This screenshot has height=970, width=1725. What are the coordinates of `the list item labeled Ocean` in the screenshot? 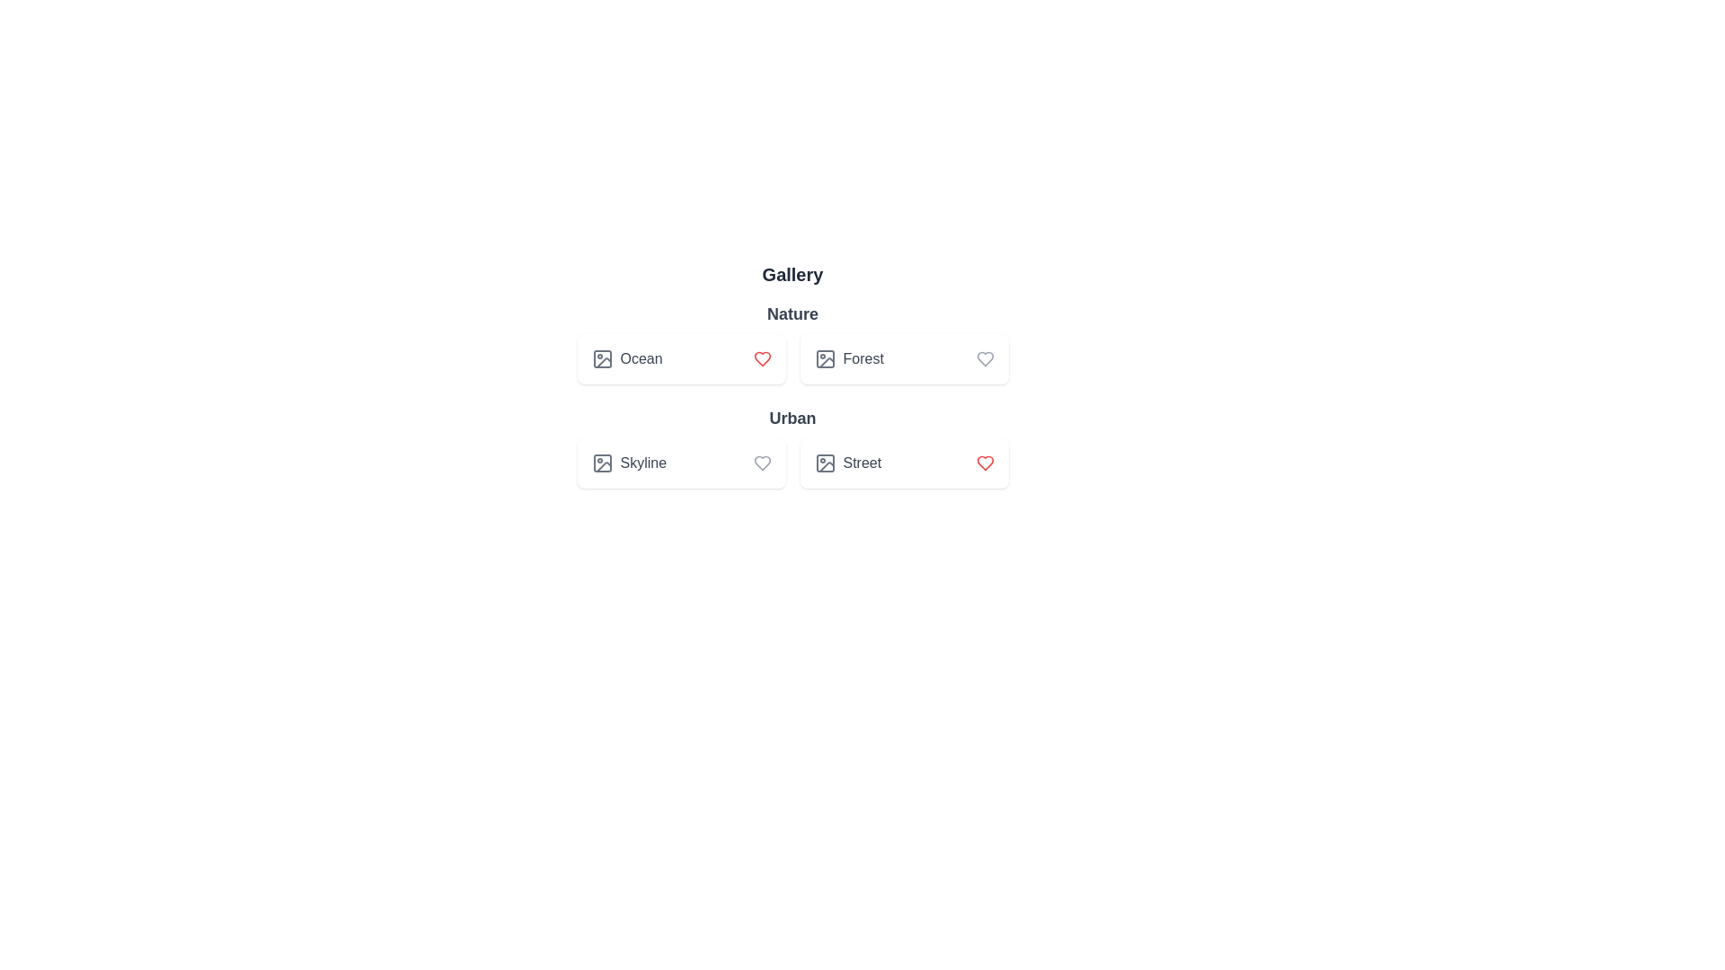 It's located at (680, 359).